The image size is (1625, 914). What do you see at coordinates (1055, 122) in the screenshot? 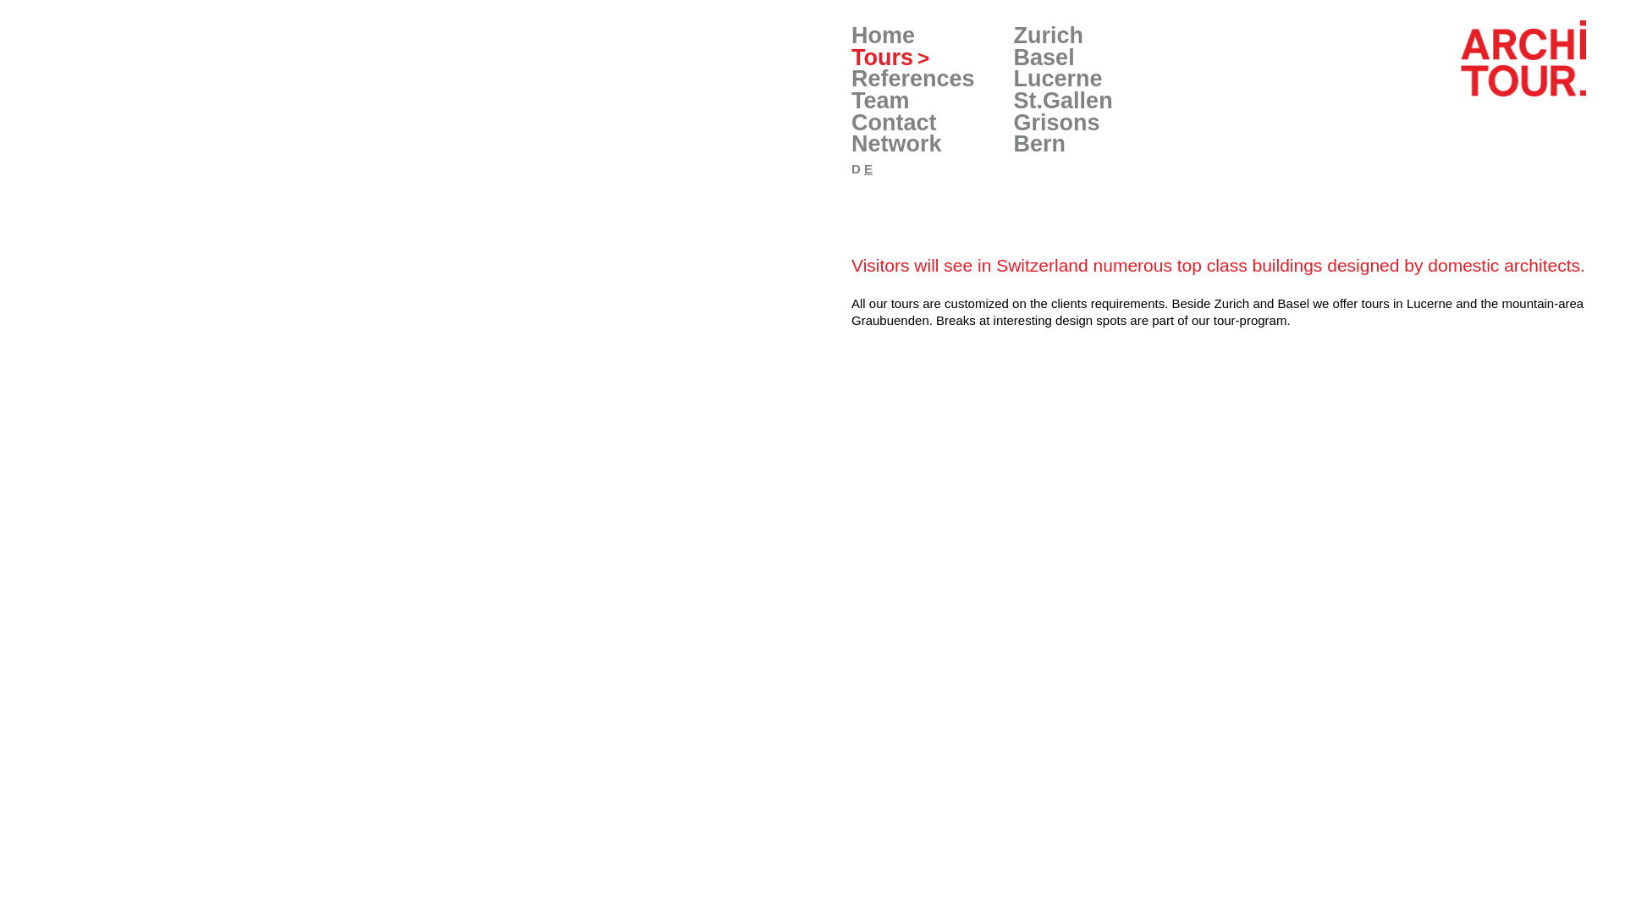
I see `'Grisons'` at bounding box center [1055, 122].